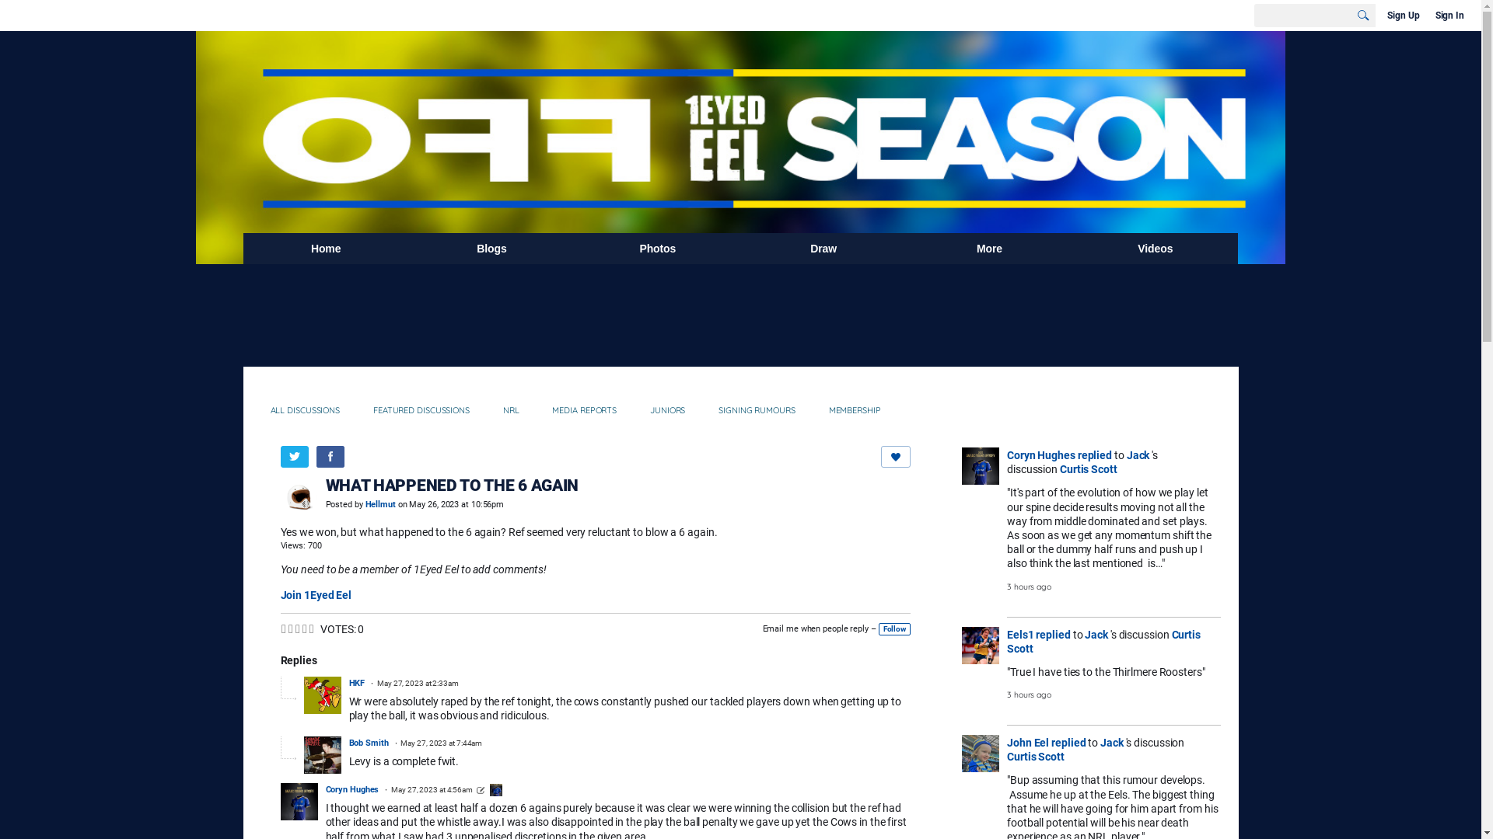 This screenshot has width=1493, height=839. What do you see at coordinates (1007, 634) in the screenshot?
I see `'Eels1'` at bounding box center [1007, 634].